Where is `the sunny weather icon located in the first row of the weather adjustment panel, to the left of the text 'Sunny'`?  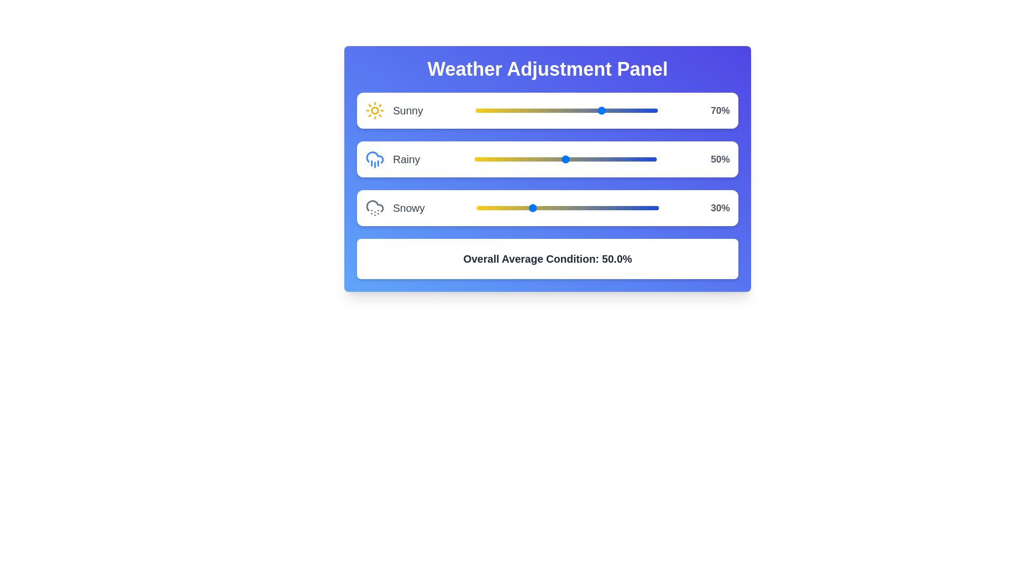 the sunny weather icon located in the first row of the weather adjustment panel, to the left of the text 'Sunny' is located at coordinates (375, 110).